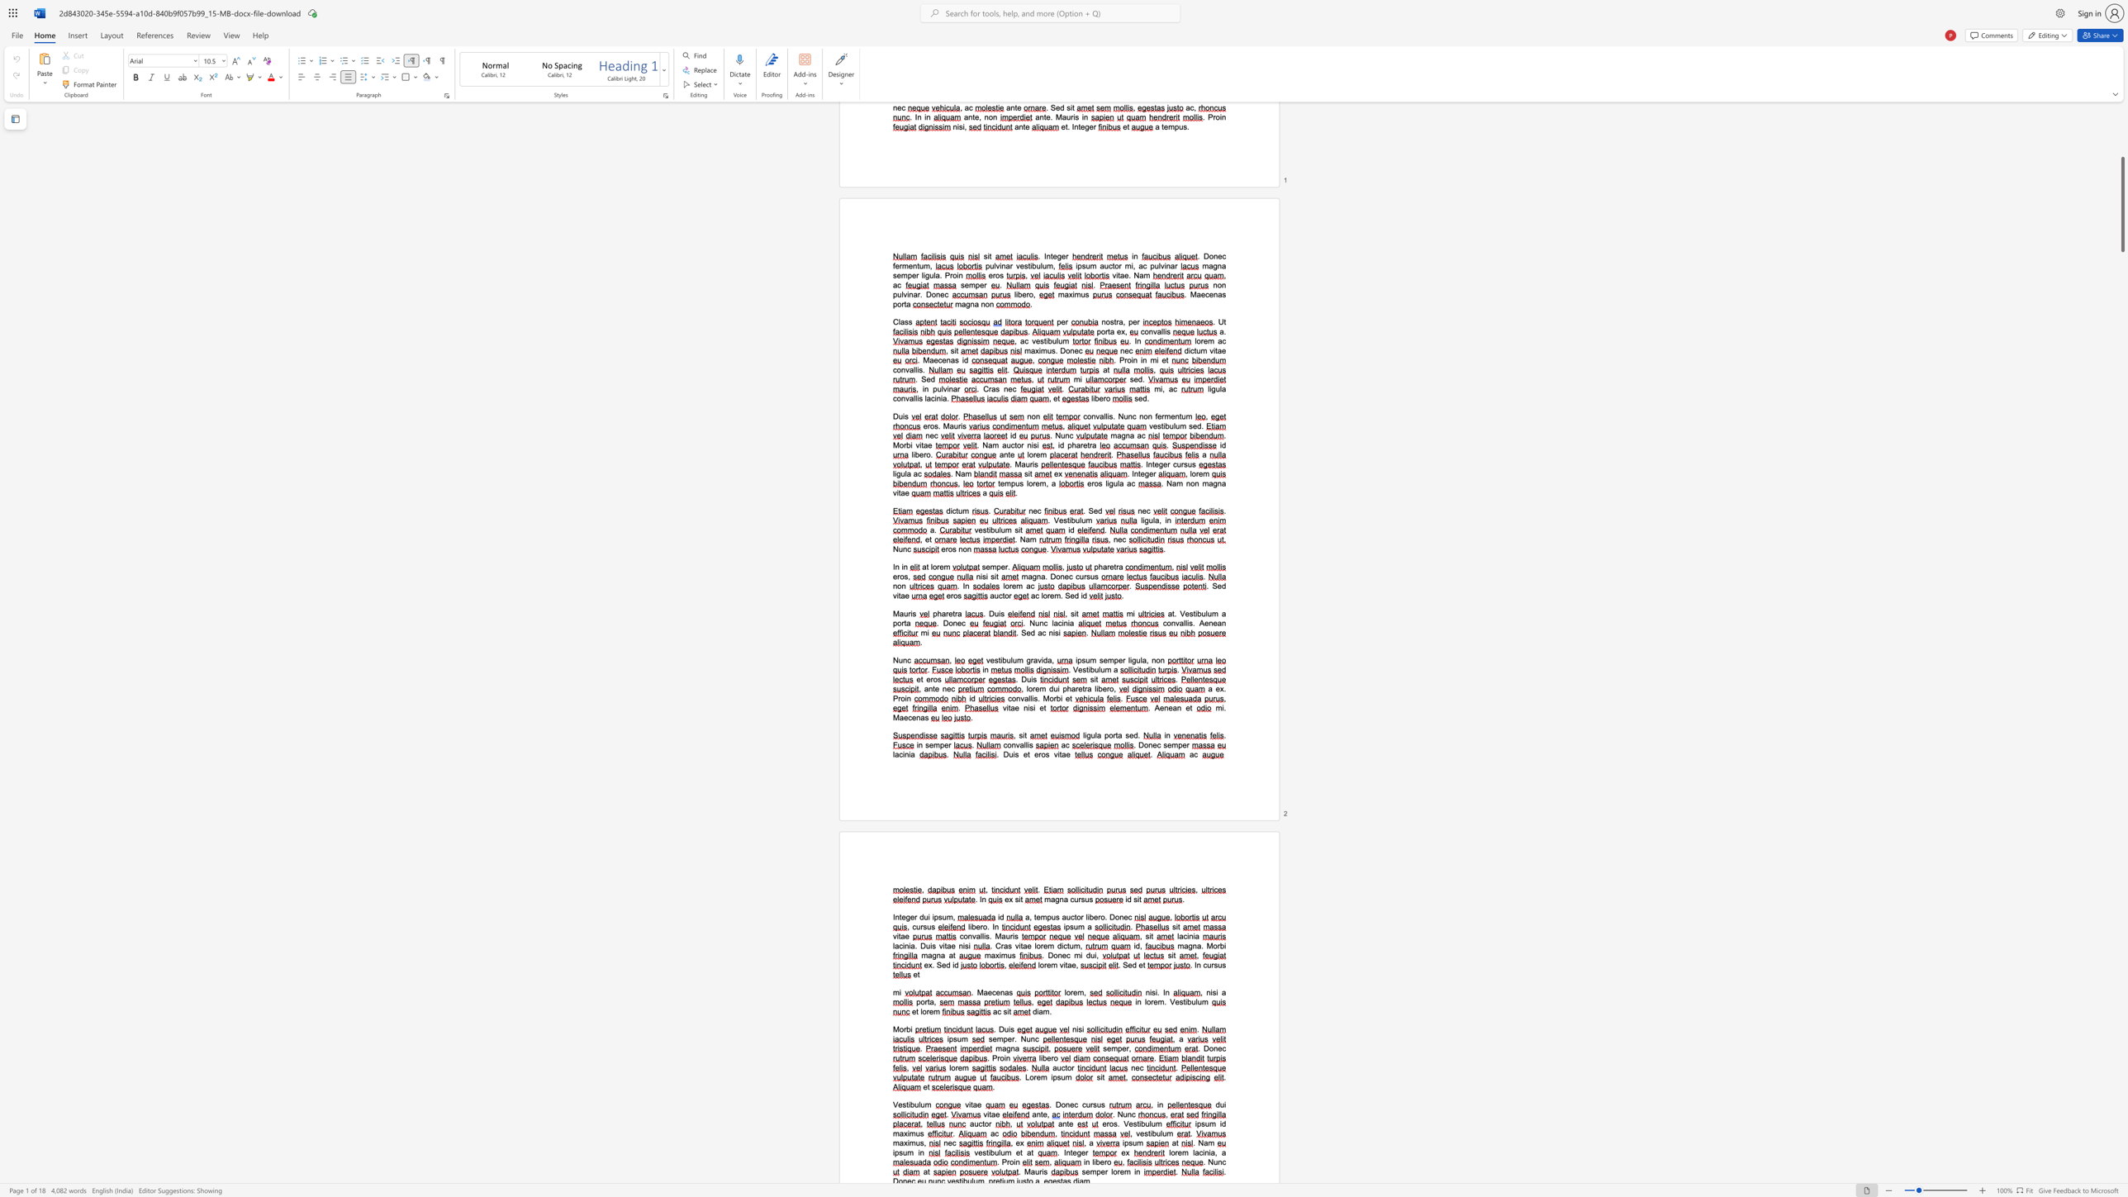  Describe the element at coordinates (1092, 1104) in the screenshot. I see `the 1th character "r" in the text` at that location.